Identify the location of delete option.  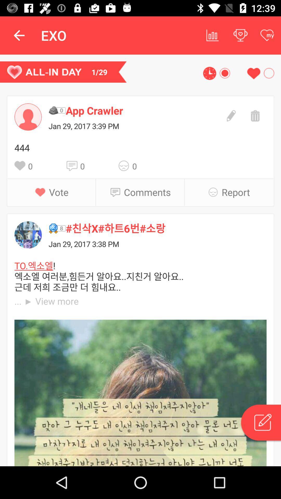
(254, 115).